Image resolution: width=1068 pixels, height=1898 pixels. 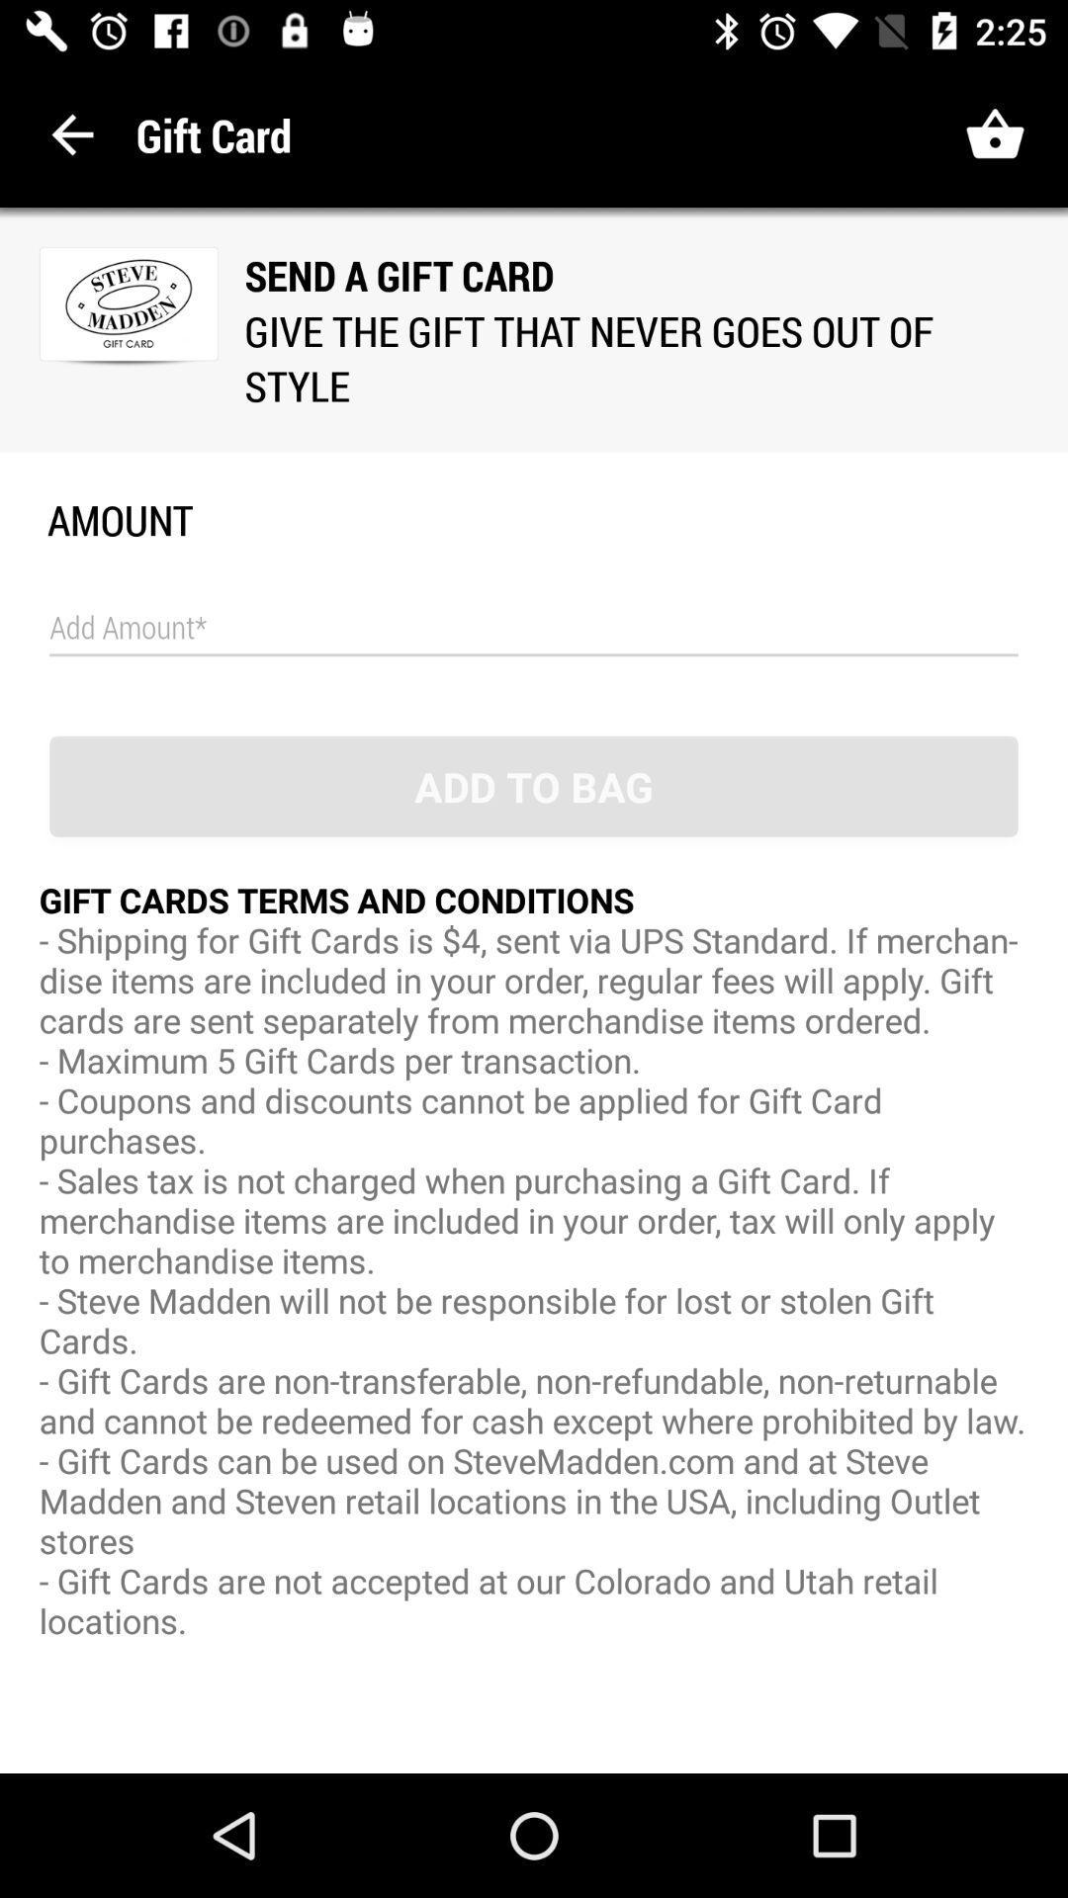 I want to click on amount, so click(x=534, y=627).